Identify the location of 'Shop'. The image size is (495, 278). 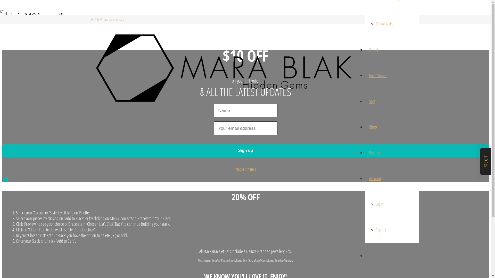
(373, 127).